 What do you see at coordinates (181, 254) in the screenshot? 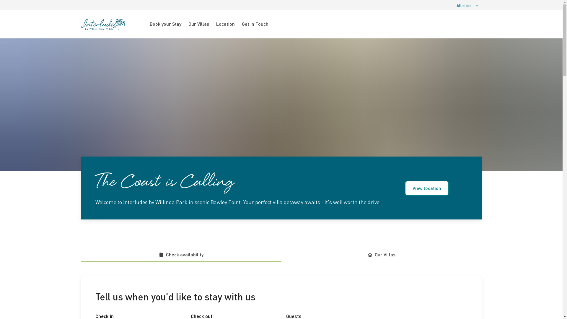
I see `'Check availability'` at bounding box center [181, 254].